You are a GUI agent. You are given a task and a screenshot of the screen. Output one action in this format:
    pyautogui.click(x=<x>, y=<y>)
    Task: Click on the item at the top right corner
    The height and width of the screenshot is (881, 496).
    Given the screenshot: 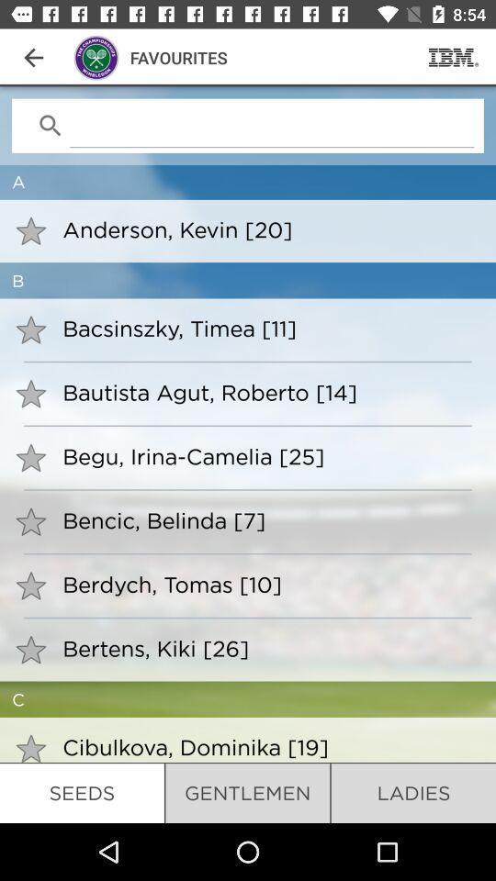 What is the action you would take?
    pyautogui.click(x=453, y=57)
    